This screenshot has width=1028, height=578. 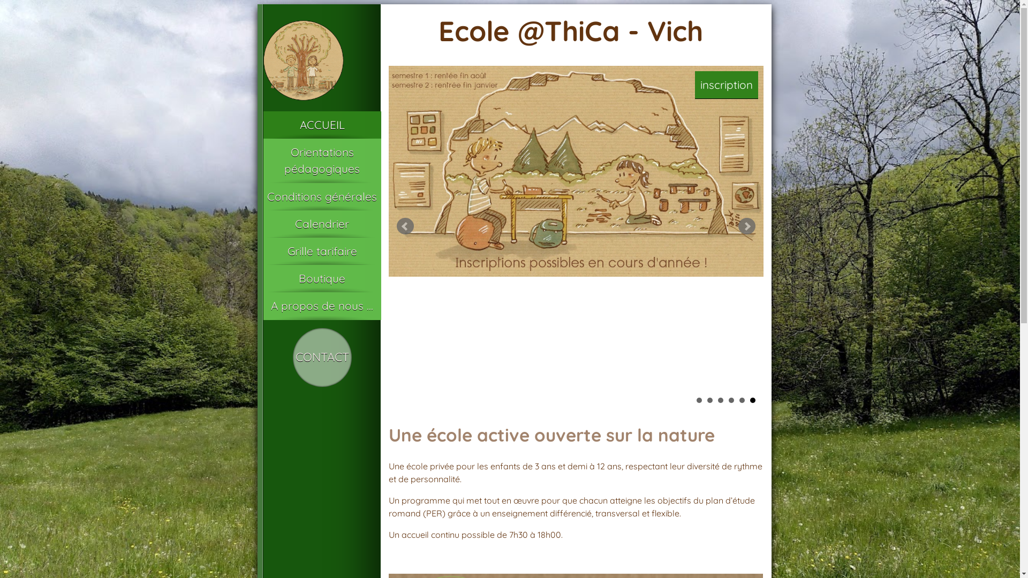 I want to click on 'CONTACT', so click(x=321, y=357).